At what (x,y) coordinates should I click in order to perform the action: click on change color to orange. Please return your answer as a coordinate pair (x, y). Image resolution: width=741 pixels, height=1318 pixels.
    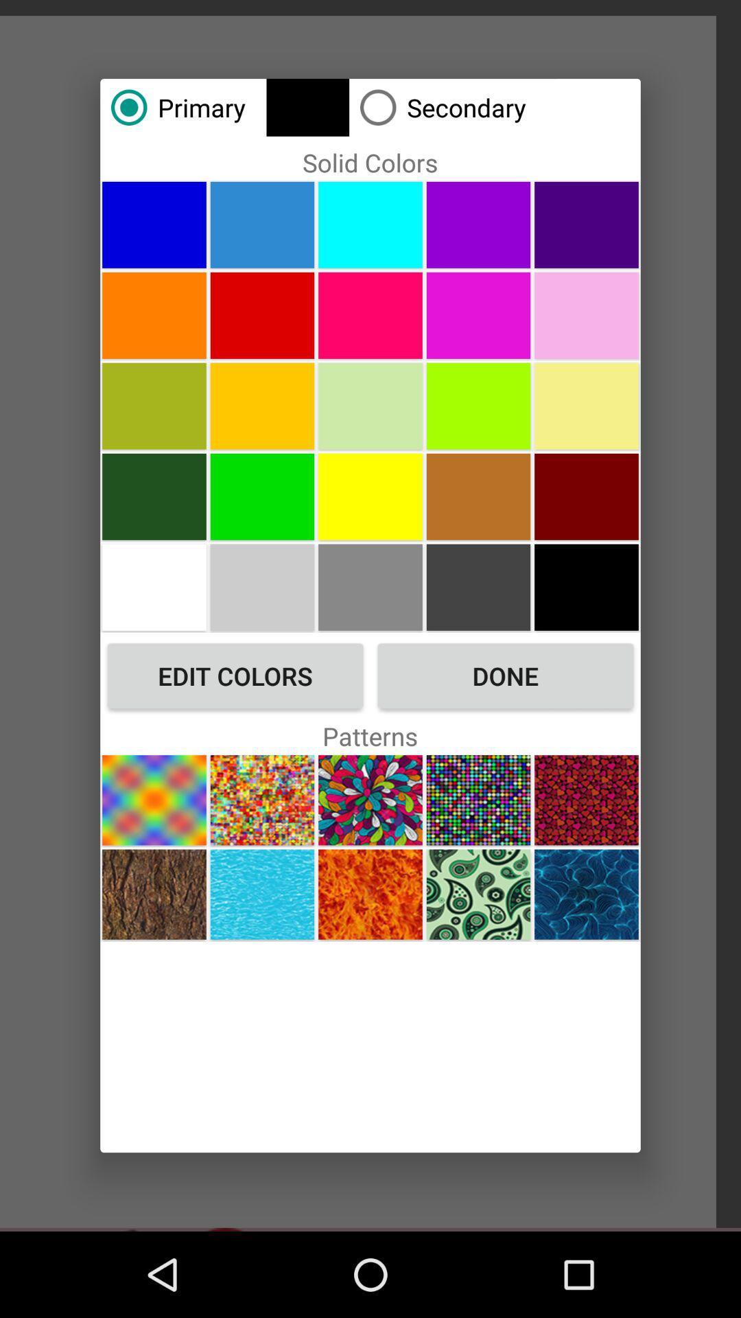
    Looking at the image, I should click on (154, 314).